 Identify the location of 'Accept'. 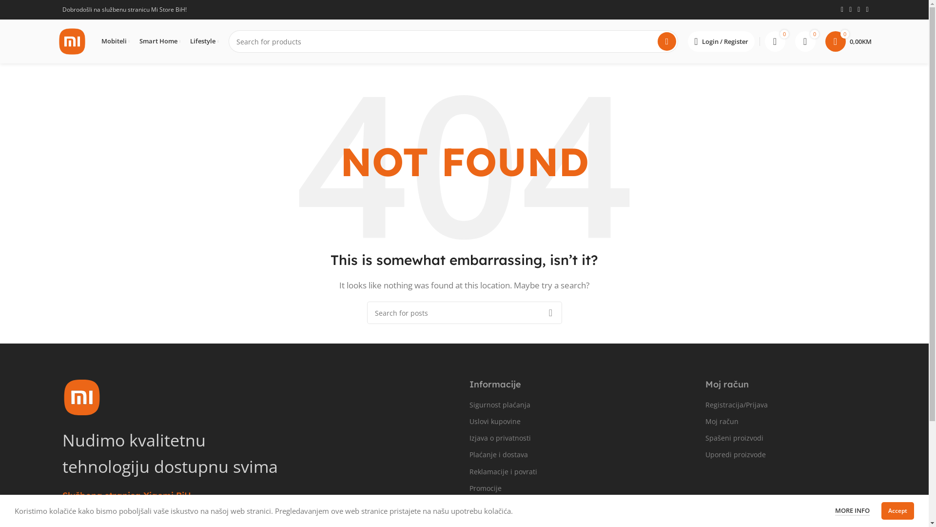
(897, 510).